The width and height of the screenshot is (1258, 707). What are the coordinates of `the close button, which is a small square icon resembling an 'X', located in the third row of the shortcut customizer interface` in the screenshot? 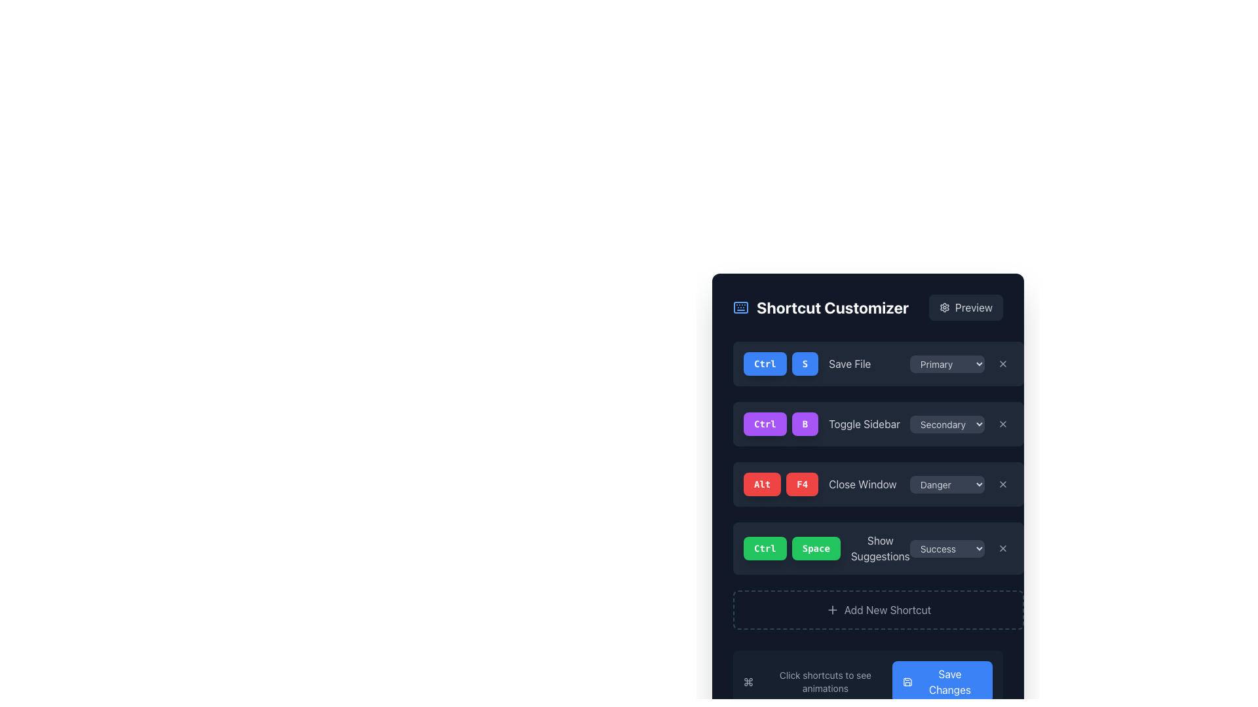 It's located at (1002, 424).